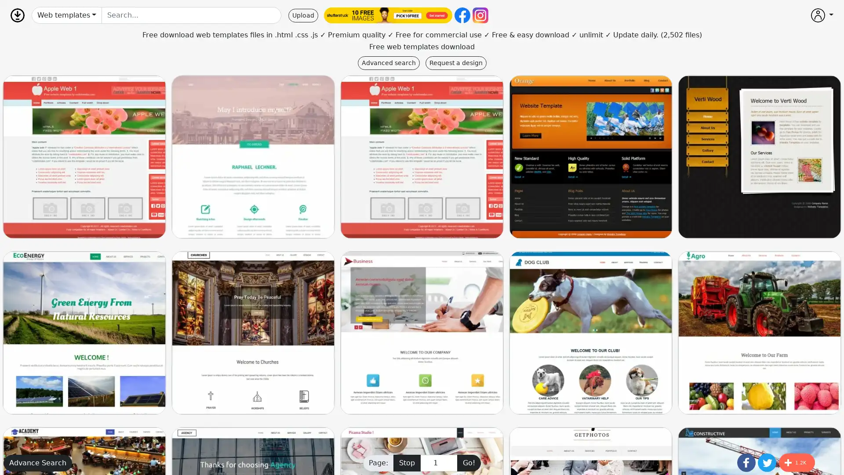  What do you see at coordinates (748, 462) in the screenshot?
I see `Share to Facebook` at bounding box center [748, 462].